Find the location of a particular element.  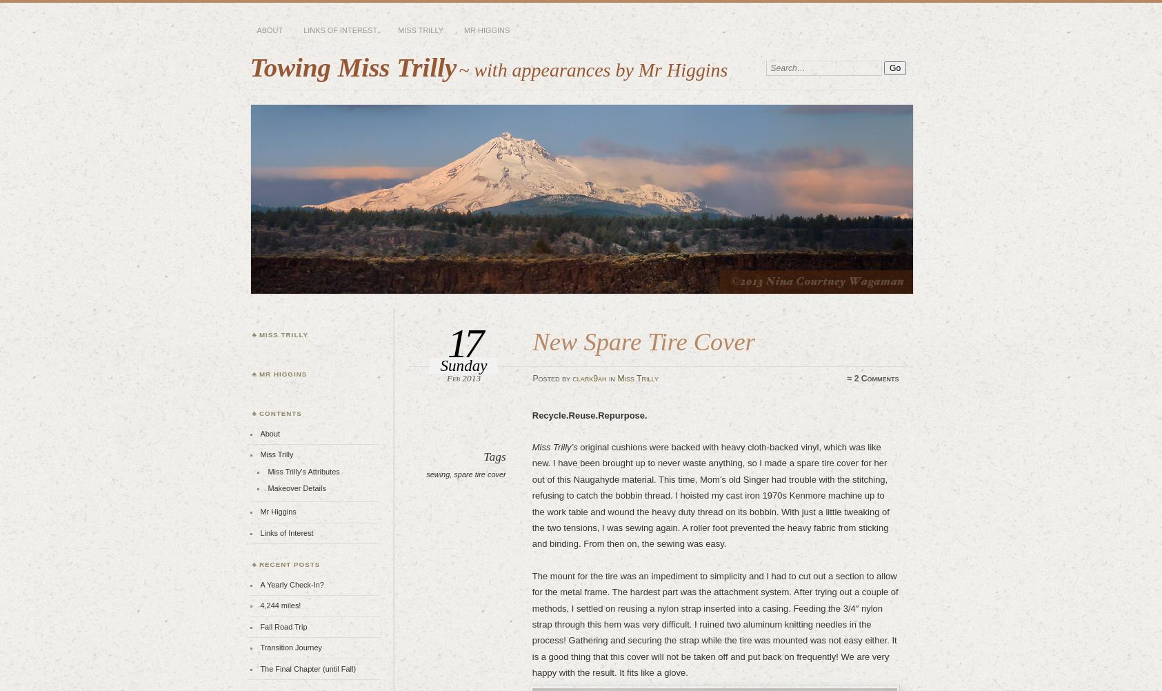

'Recycle.Reuse.Repurpose.' is located at coordinates (589, 414).